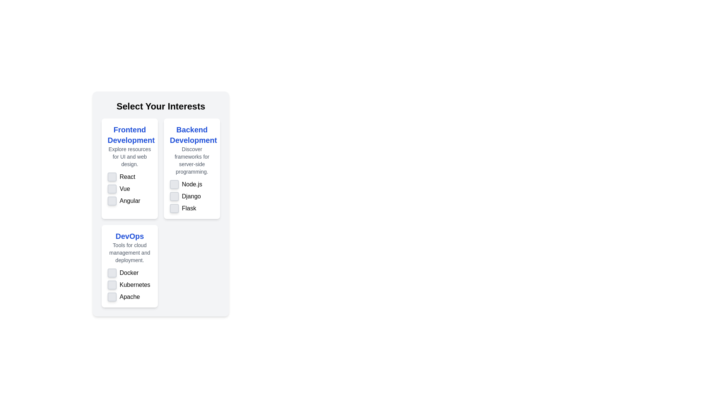 Image resolution: width=720 pixels, height=405 pixels. Describe the element at coordinates (129, 201) in the screenshot. I see `the informational label displaying the name 'Angular', which is the third and bottom entry in the 'Frontend Development' section, positioned below 'Vue'` at that location.